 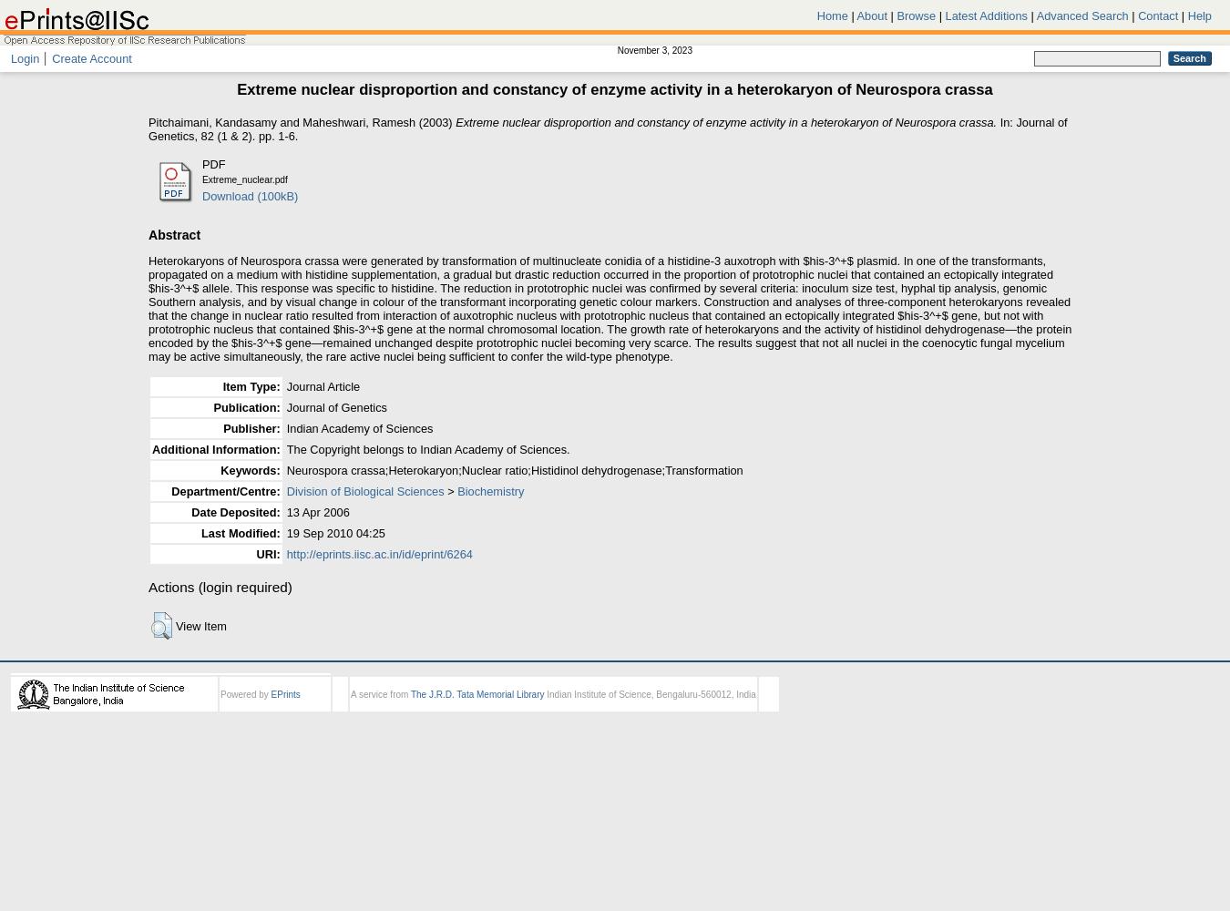 What do you see at coordinates (896, 15) in the screenshot?
I see `'Browse'` at bounding box center [896, 15].